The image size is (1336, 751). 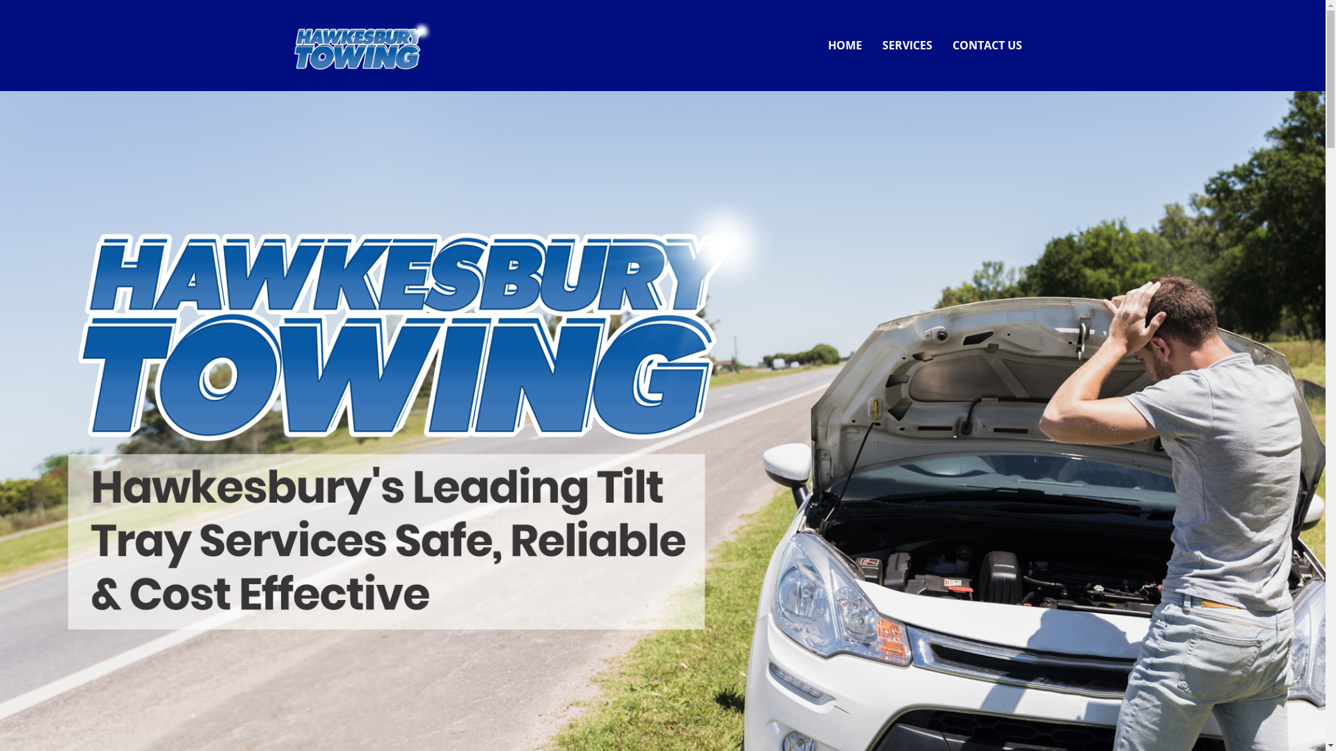 What do you see at coordinates (987, 45) in the screenshot?
I see `'CONTACT US'` at bounding box center [987, 45].